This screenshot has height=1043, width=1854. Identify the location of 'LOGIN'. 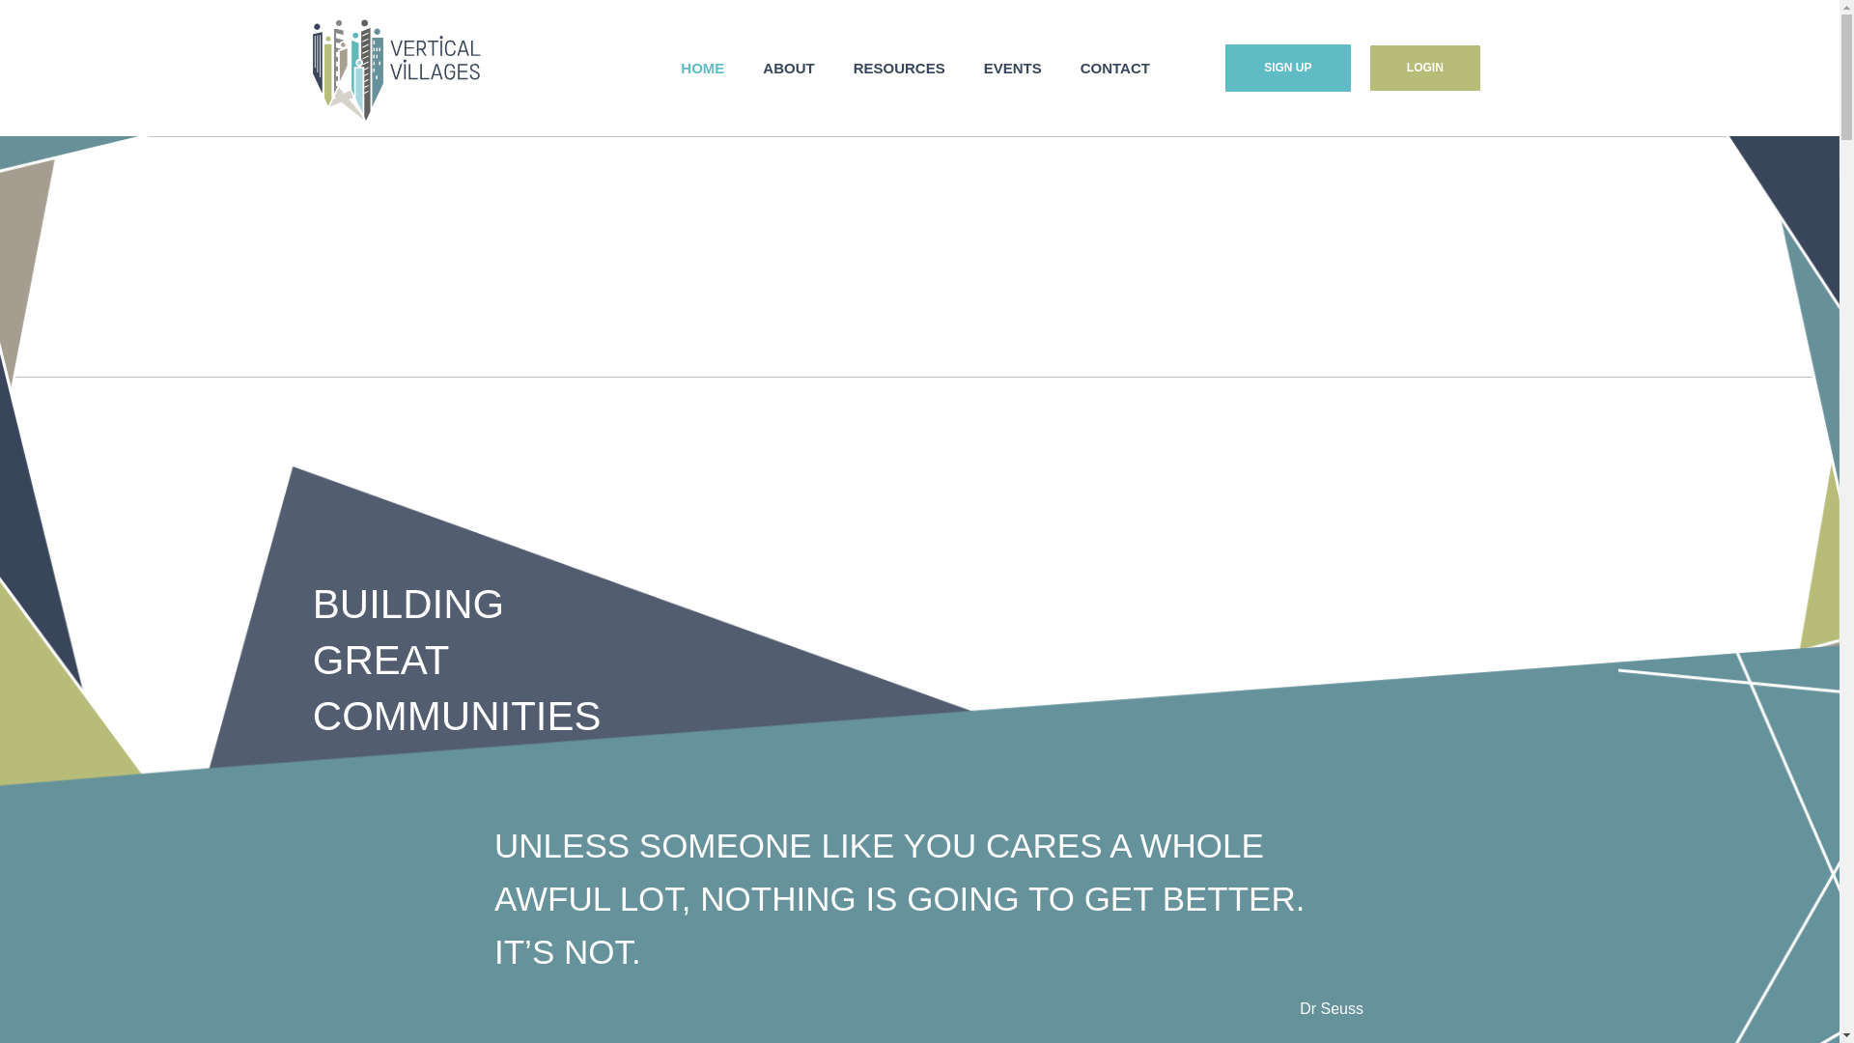
(1425, 66).